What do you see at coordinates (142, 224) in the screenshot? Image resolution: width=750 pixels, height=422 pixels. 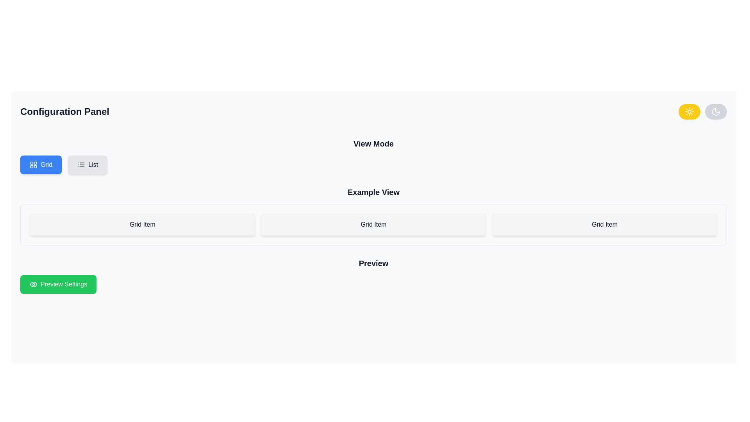 I see `the text within the Box element located in the 'Example View' section, which is the first of three horizontally arranged items beneath the 'View Mode' controls` at bounding box center [142, 224].